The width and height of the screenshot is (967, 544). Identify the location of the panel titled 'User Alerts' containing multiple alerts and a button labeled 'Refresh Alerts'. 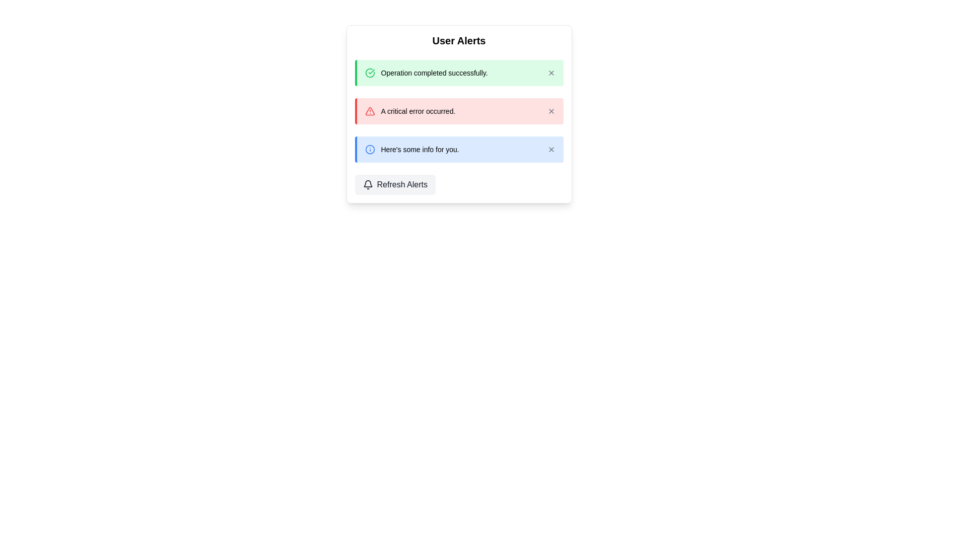
(458, 114).